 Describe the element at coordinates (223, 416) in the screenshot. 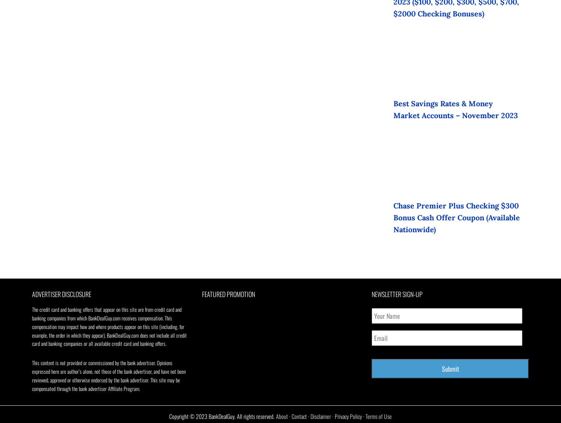

I see `'Copyright © 2023 BankDealGuy. All rights reserved.'` at that location.